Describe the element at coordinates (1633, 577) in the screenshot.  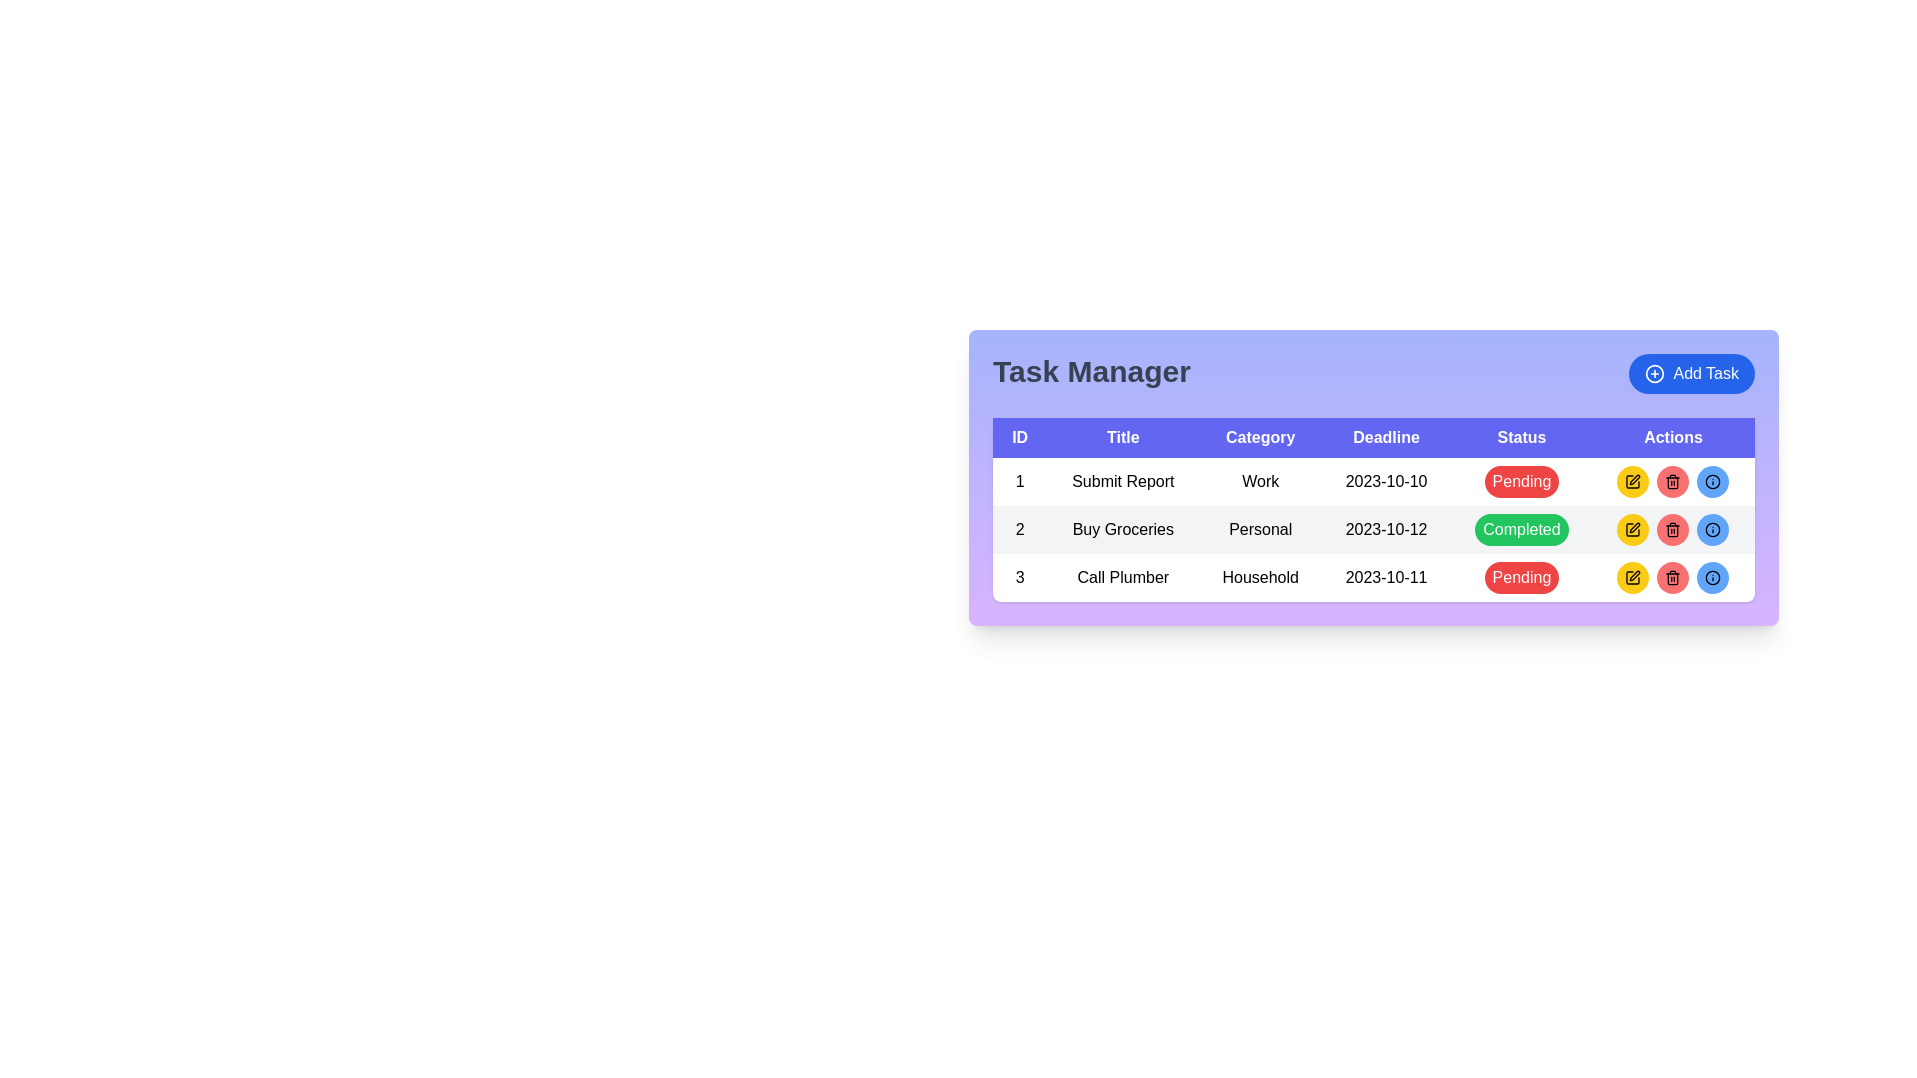
I see `the edit icon for the 'Call Plumber' task in the last row of the 'Task Manager' interface under the 'Actions' column` at that location.